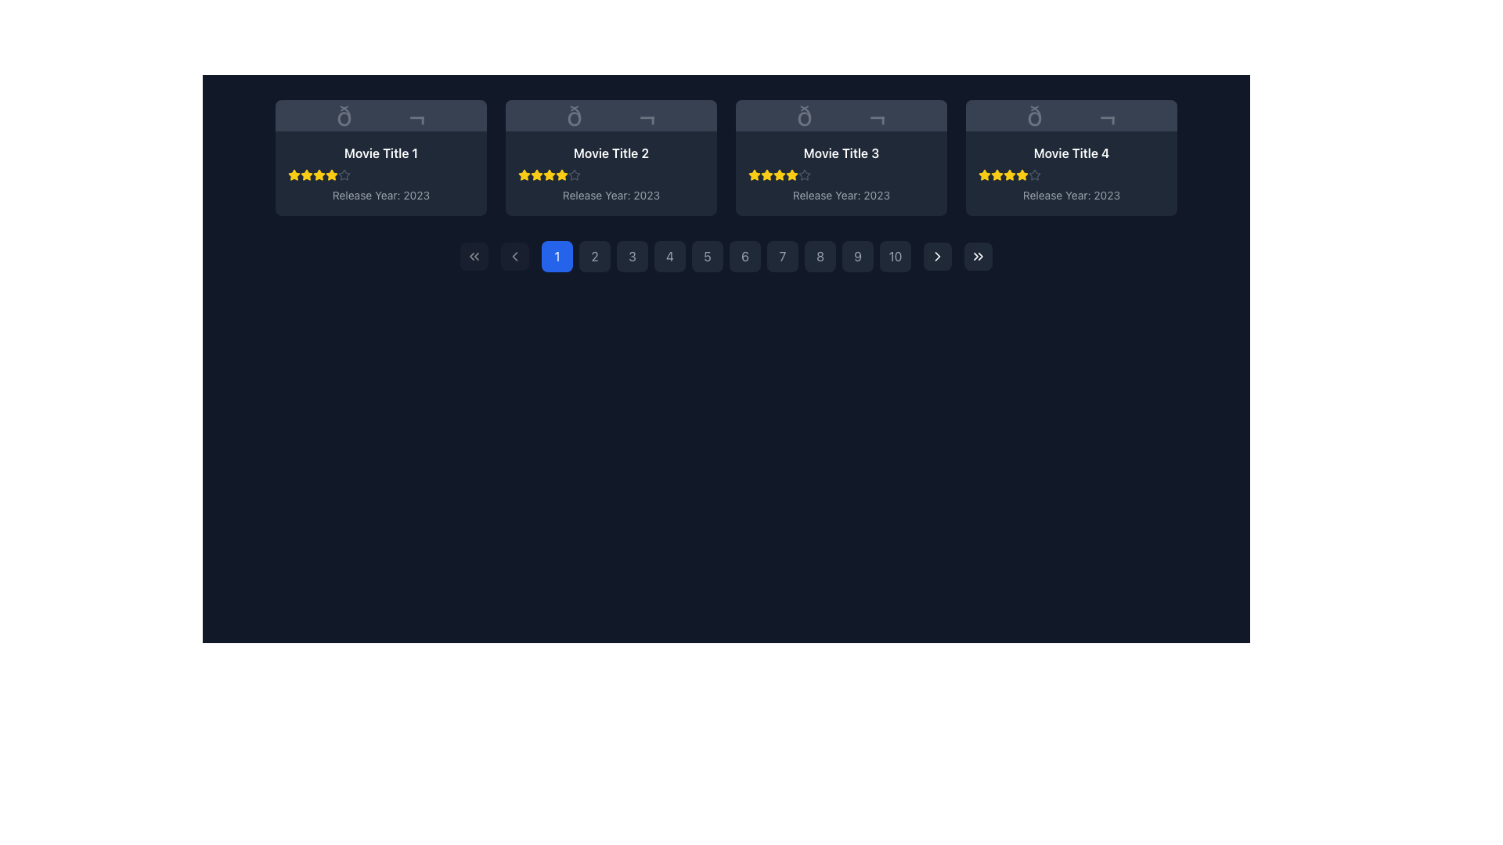 Image resolution: width=1503 pixels, height=845 pixels. I want to click on the first yellow star-shaped icon in the rating mechanism for 'Movie Title 4' to interact with it, so click(983, 174).